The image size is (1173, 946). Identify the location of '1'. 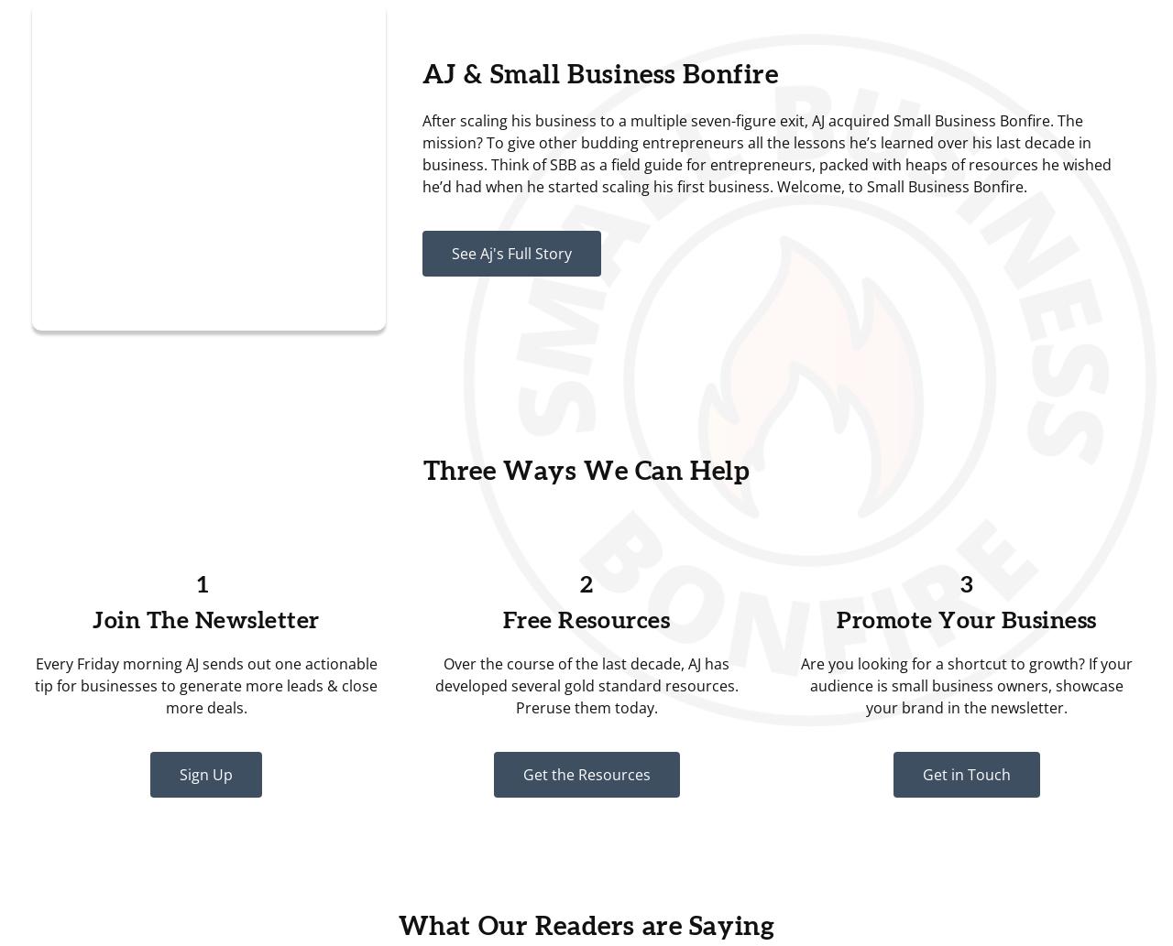
(205, 584).